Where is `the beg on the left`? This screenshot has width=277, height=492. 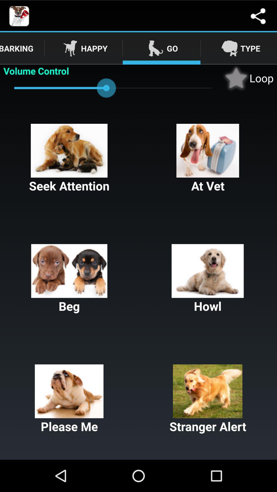 the beg on the left is located at coordinates (69, 279).